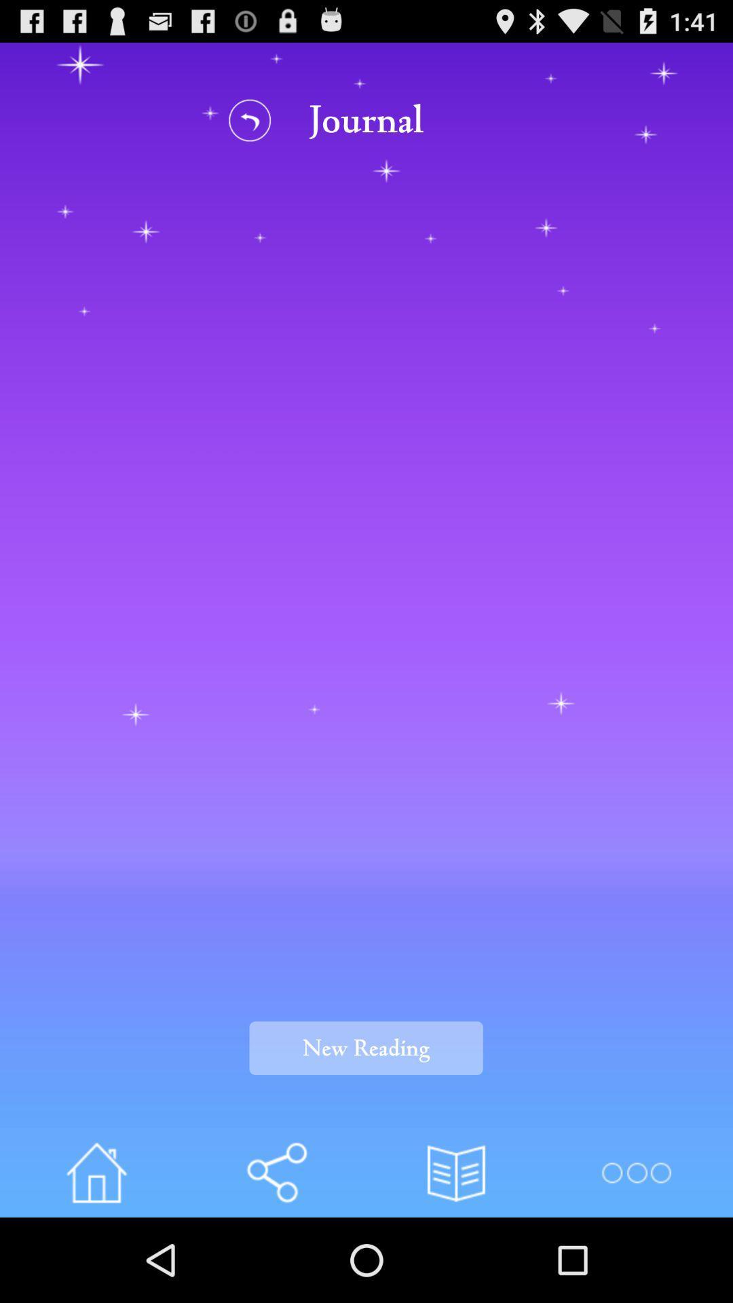 Image resolution: width=733 pixels, height=1303 pixels. Describe the element at coordinates (276, 1254) in the screenshot. I see `the volume icon` at that location.